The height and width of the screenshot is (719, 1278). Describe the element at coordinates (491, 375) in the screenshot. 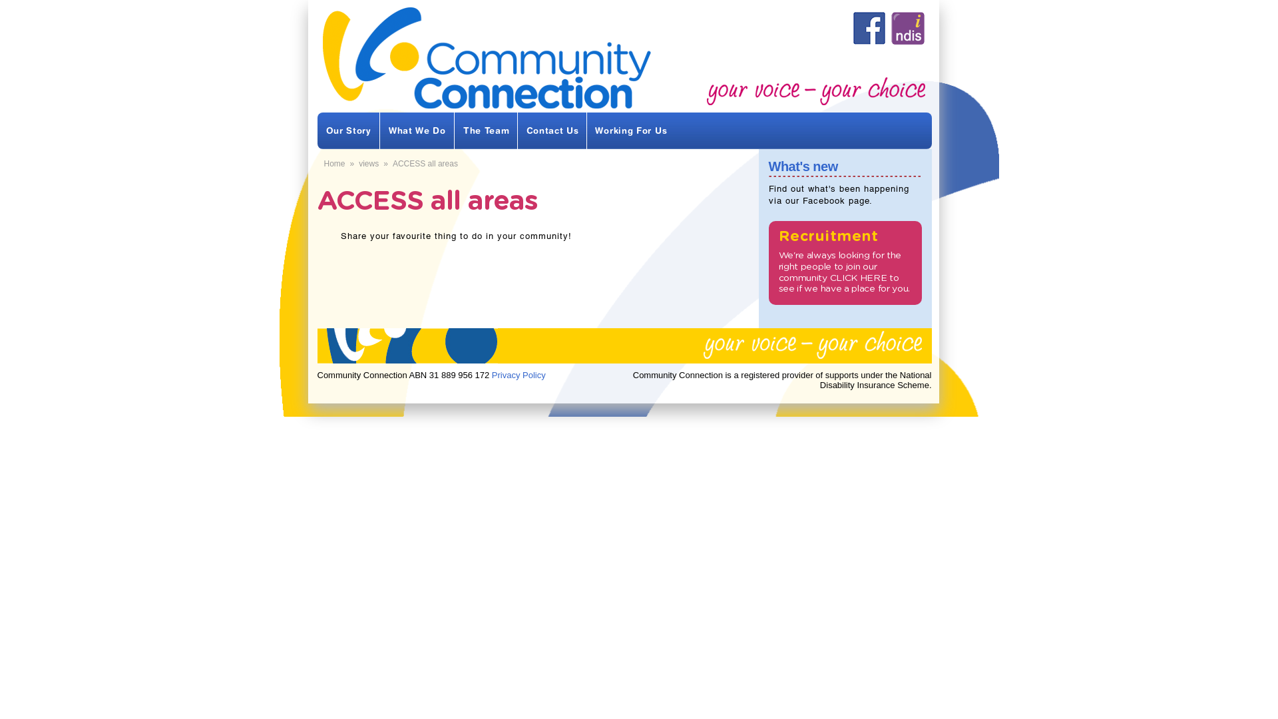

I see `'Privacy Policy'` at that location.